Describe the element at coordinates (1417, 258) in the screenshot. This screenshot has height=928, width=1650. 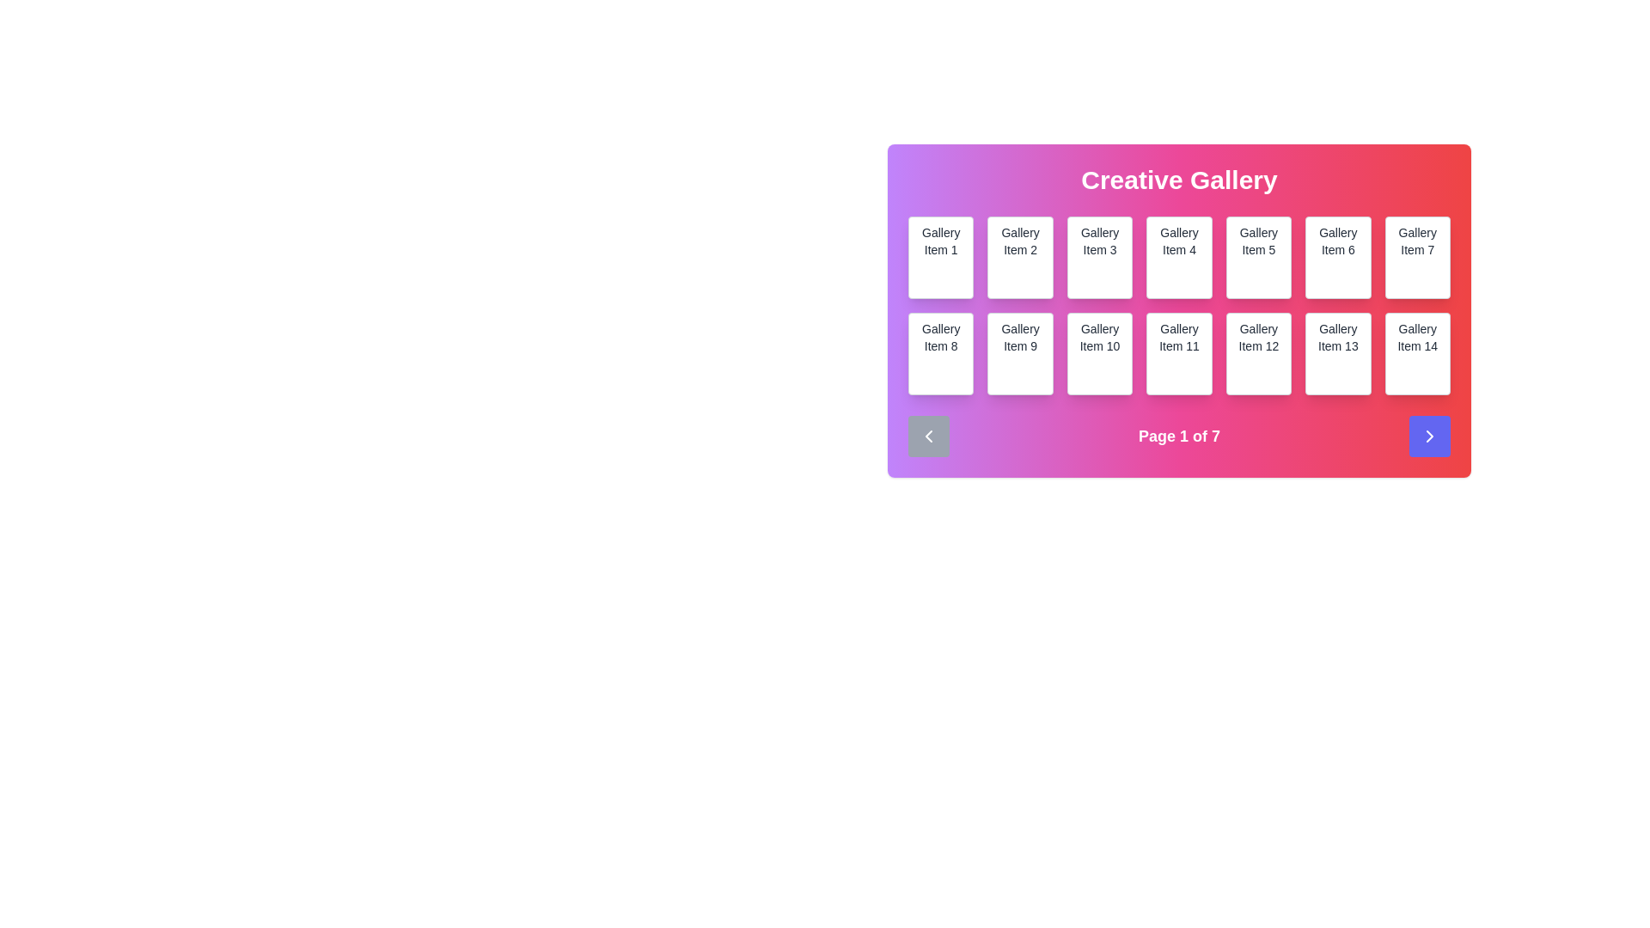
I see `the static display card that contains the text 'Gallery Item 7', which is styled with a white background and a shadow effect, located in the first row and seventh column of the grid layout` at that location.